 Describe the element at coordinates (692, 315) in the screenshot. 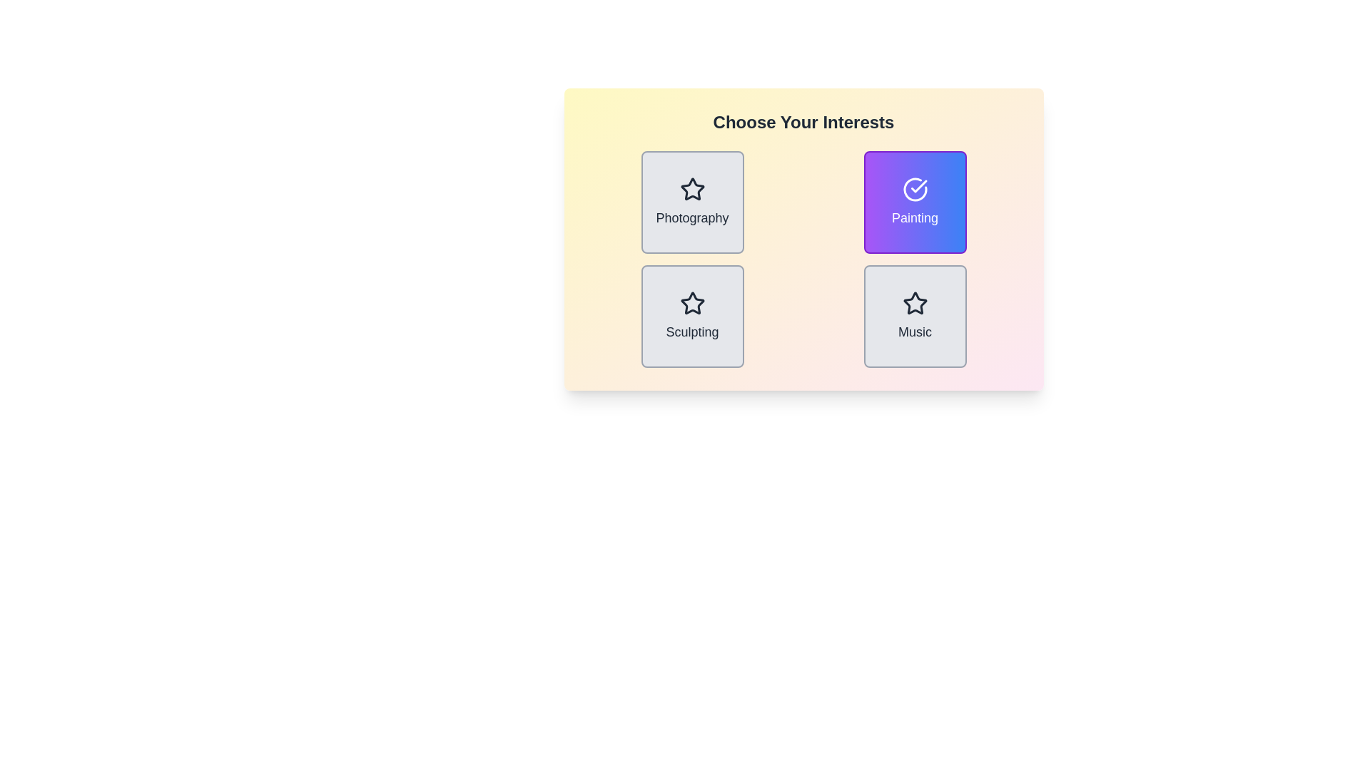

I see `the item labeled Sculpting by clicking its button` at that location.